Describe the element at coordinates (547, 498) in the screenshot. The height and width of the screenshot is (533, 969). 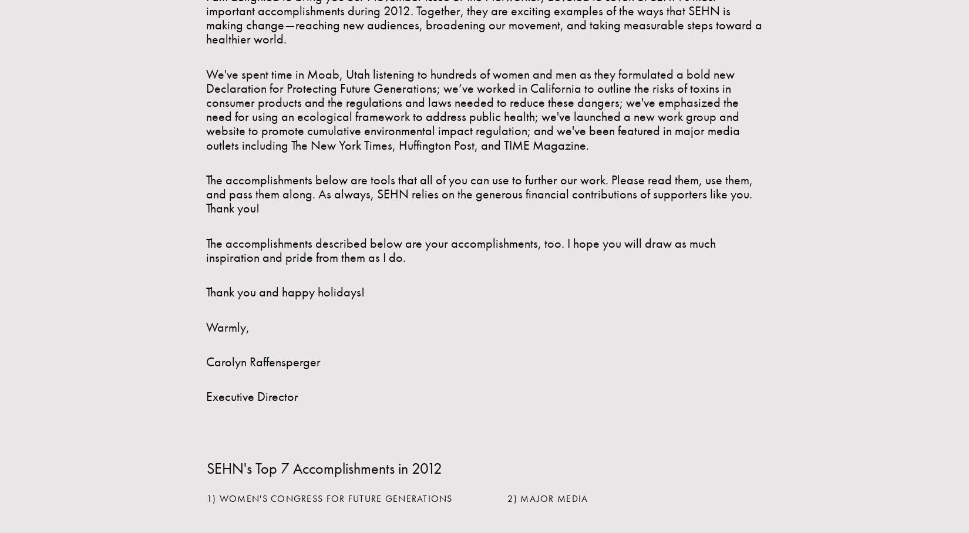
I see `'2) Major media'` at that location.